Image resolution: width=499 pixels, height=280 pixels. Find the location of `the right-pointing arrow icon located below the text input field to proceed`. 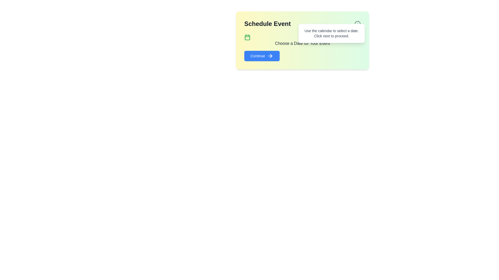

the right-pointing arrow icon located below the text input field to proceed is located at coordinates (271, 56).